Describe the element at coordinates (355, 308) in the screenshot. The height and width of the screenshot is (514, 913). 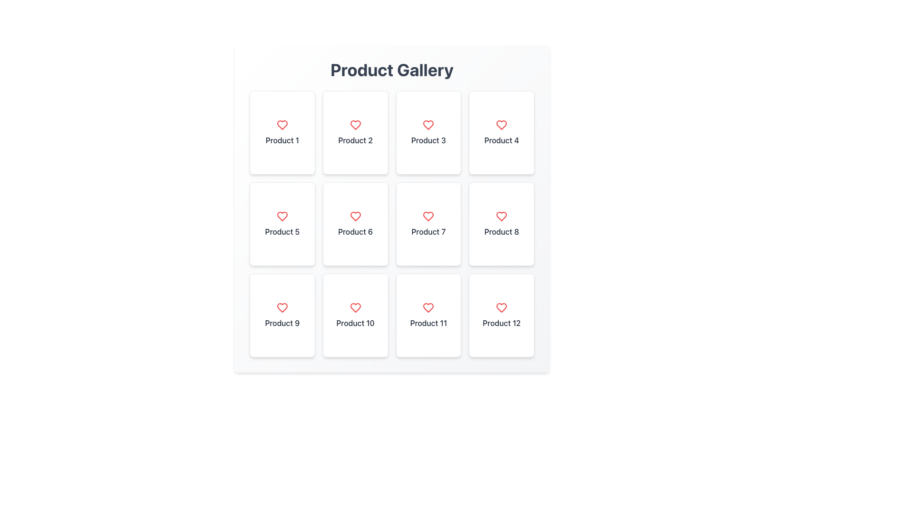
I see `the red heart-shaped icon indicating a favorite or like feature located in the grid layout under 'Product 10'` at that location.